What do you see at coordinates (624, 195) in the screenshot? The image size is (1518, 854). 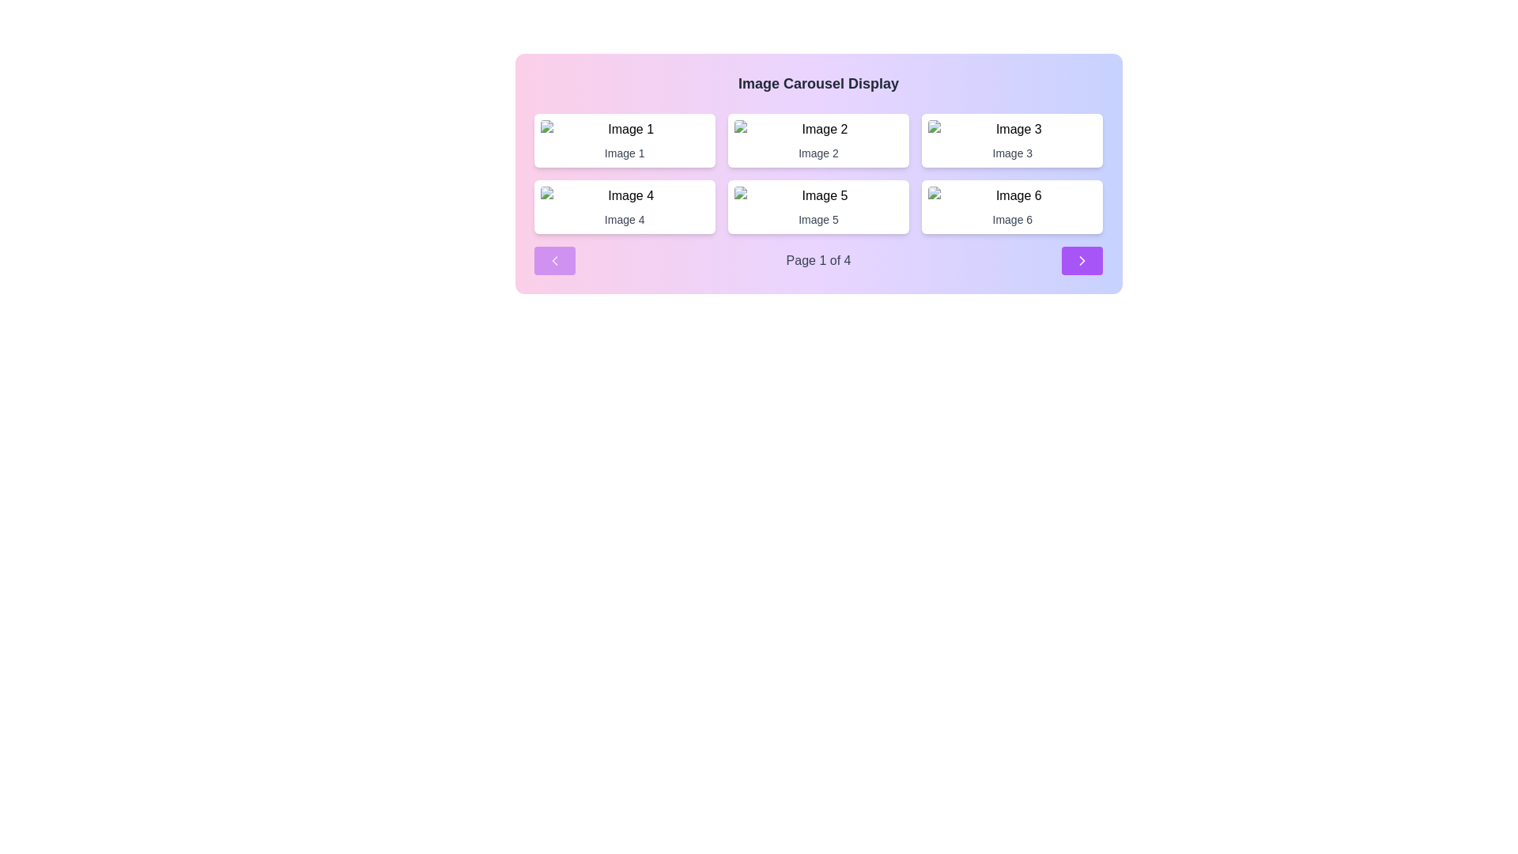 I see `the image placeholder labeled 'Img 4' in the second row, first column of the grid layout` at bounding box center [624, 195].